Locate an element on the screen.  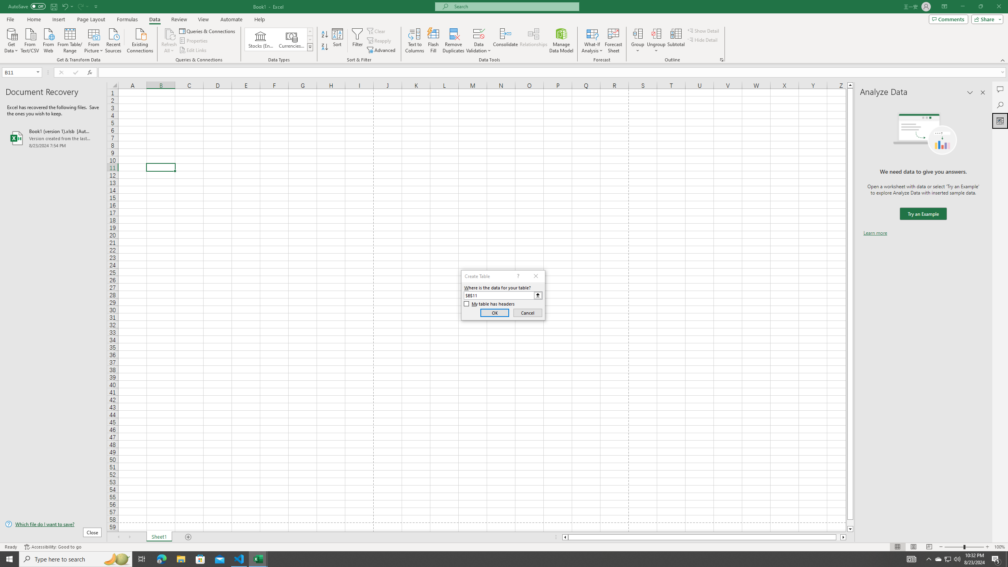
'Data Validation...' is located at coordinates (478, 33).